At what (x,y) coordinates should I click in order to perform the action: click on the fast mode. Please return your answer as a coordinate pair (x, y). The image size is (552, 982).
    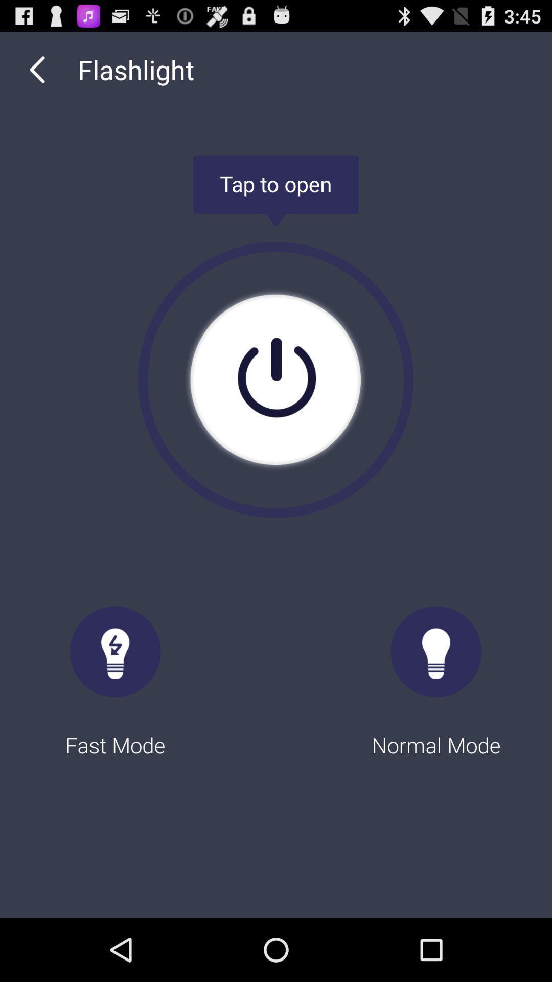
    Looking at the image, I should click on (115, 672).